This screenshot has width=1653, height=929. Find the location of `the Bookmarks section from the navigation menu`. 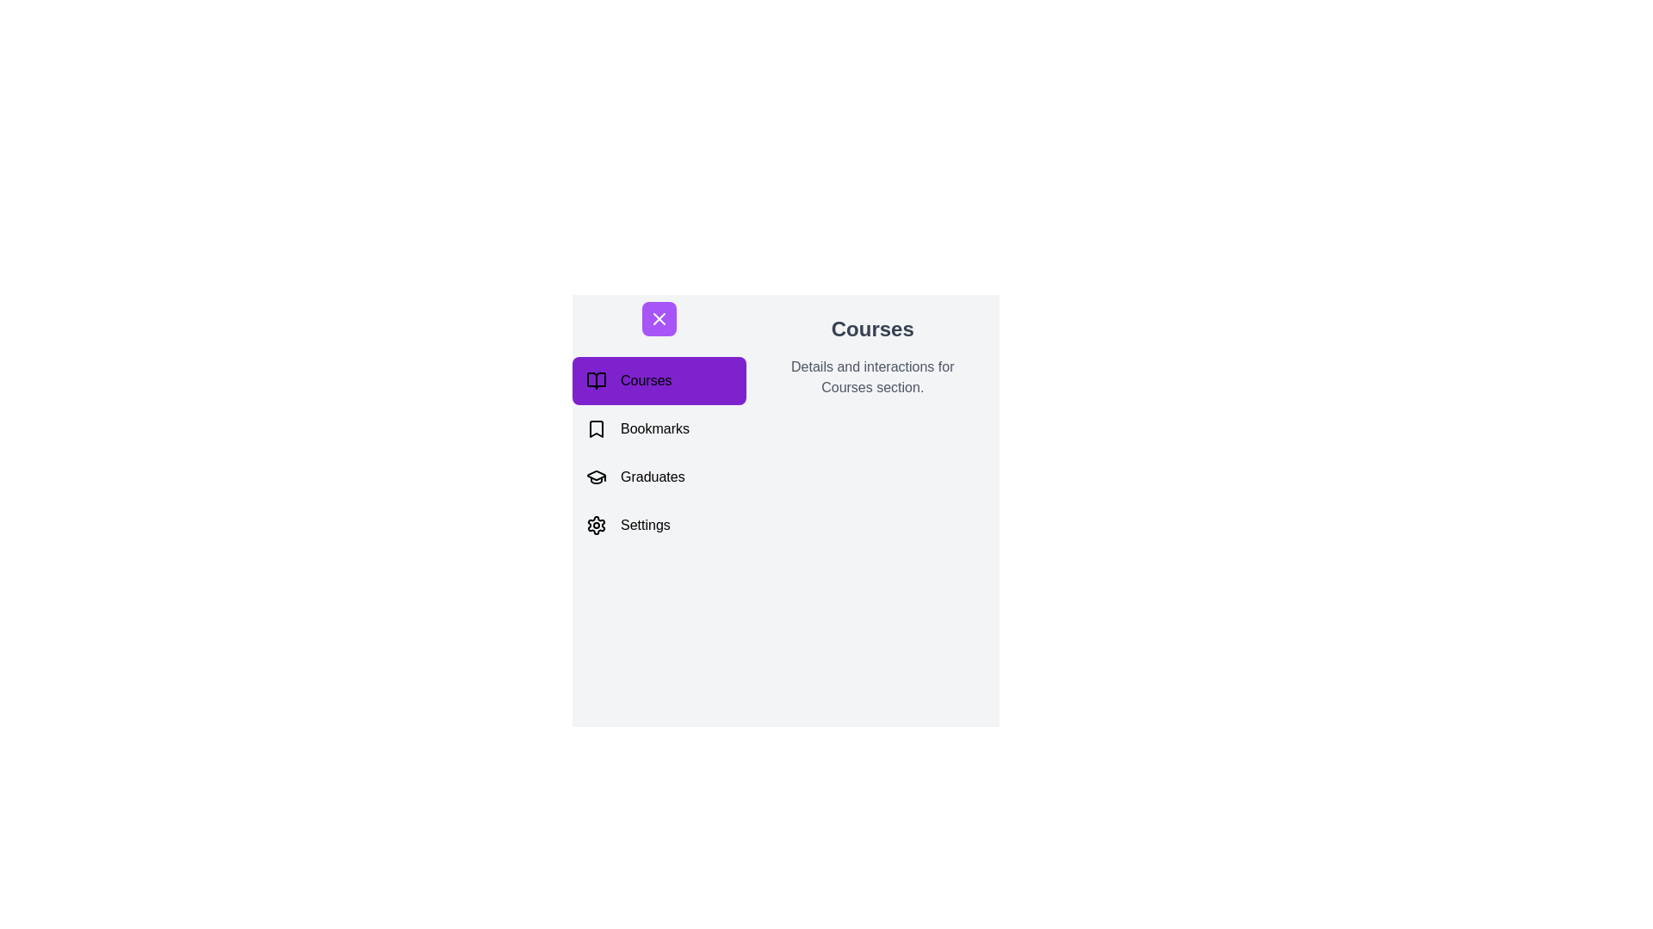

the Bookmarks section from the navigation menu is located at coordinates (658, 428).